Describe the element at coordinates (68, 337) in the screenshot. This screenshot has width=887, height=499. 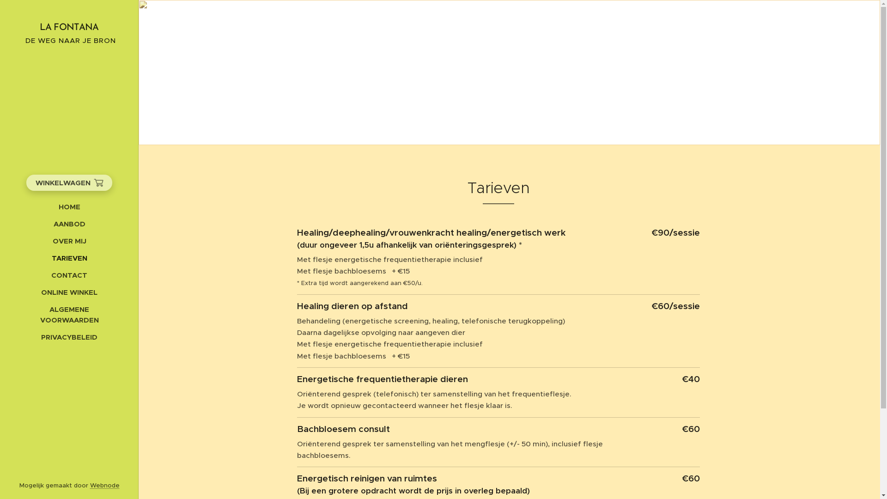
I see `'PRIVACYBELEID'` at that location.